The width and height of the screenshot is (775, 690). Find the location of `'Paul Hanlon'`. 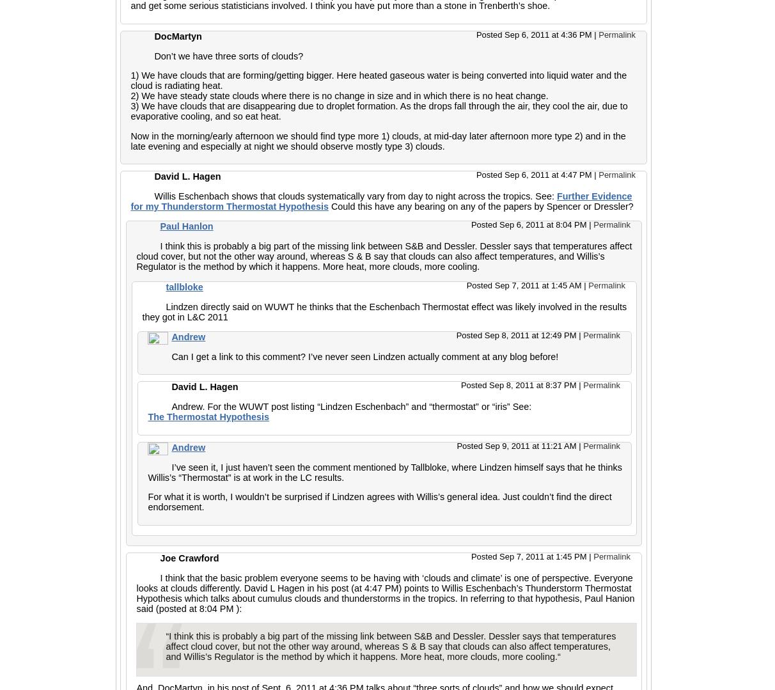

'Paul Hanlon' is located at coordinates (186, 226).